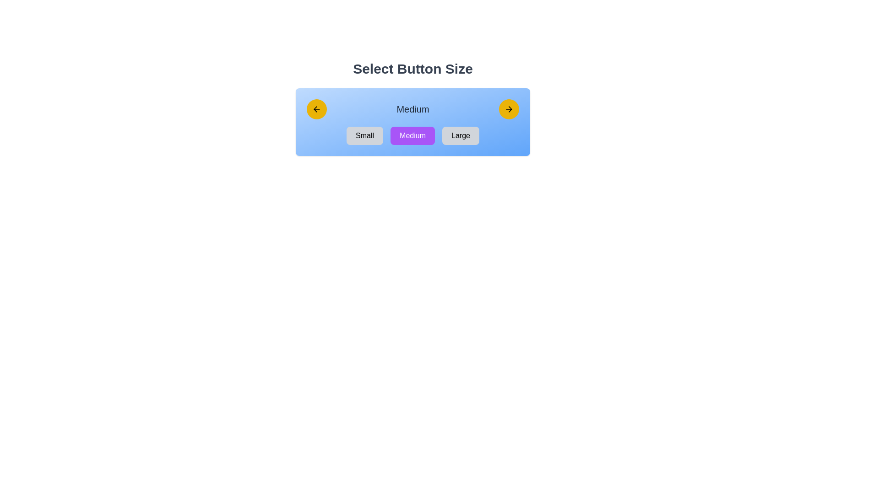 This screenshot has height=494, width=879. What do you see at coordinates (412, 136) in the screenshot?
I see `the 'Medium' button within the horizontal group of buttons labeled 'Small', 'Medium', and 'Large', which is located under the heading 'Select Button Size' with a purple background and white text` at bounding box center [412, 136].